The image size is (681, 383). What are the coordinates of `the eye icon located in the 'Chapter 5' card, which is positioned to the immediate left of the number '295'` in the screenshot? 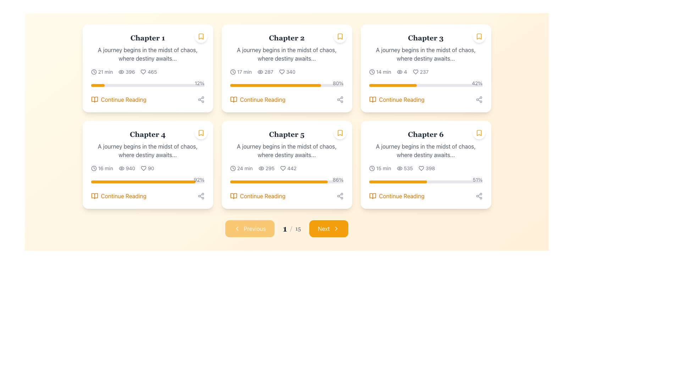 It's located at (261, 168).